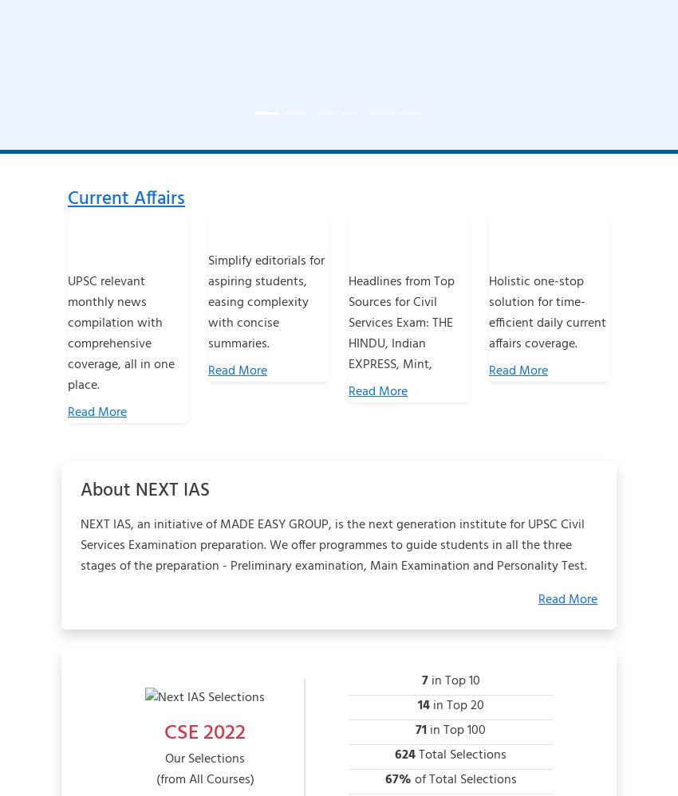 This screenshot has height=796, width=678. What do you see at coordinates (299, 728) in the screenshot?
I see `'Testimonials'` at bounding box center [299, 728].